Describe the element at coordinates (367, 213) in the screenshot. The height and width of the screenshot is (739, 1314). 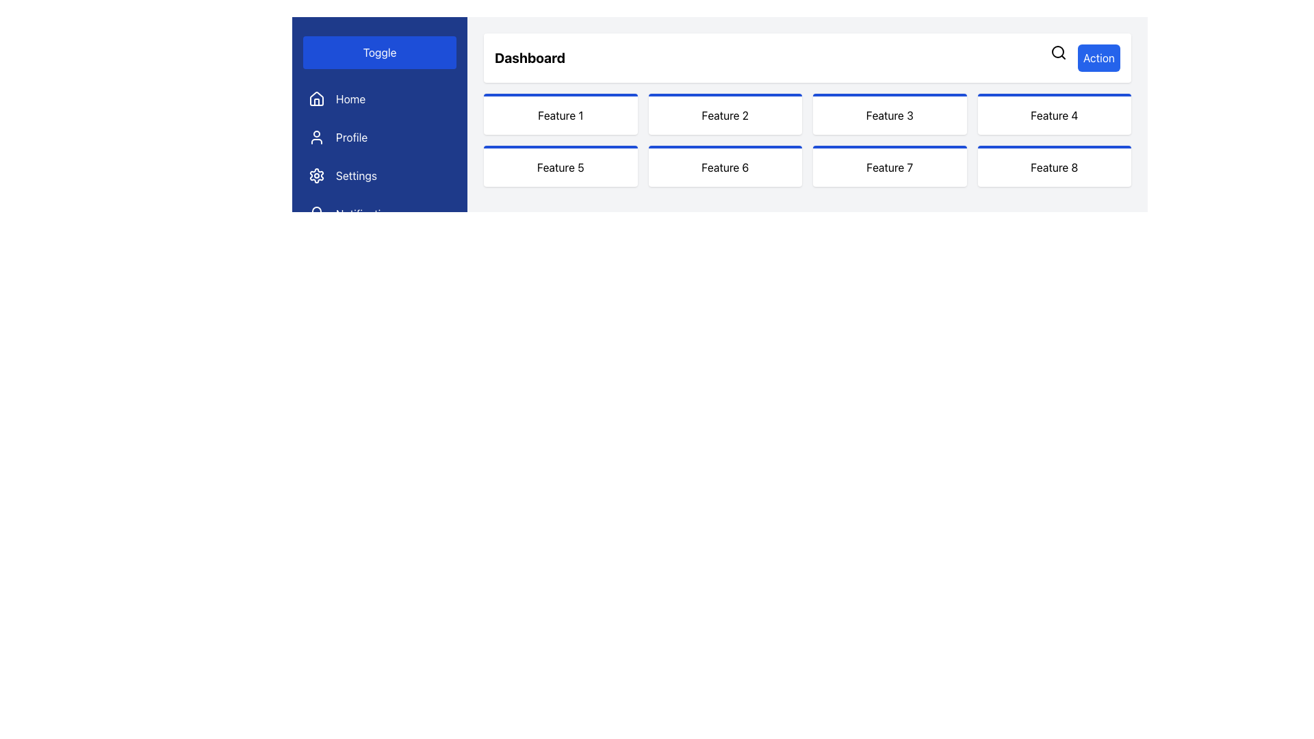
I see `the text label next to the bell icon in the vertical navigation bar` at that location.